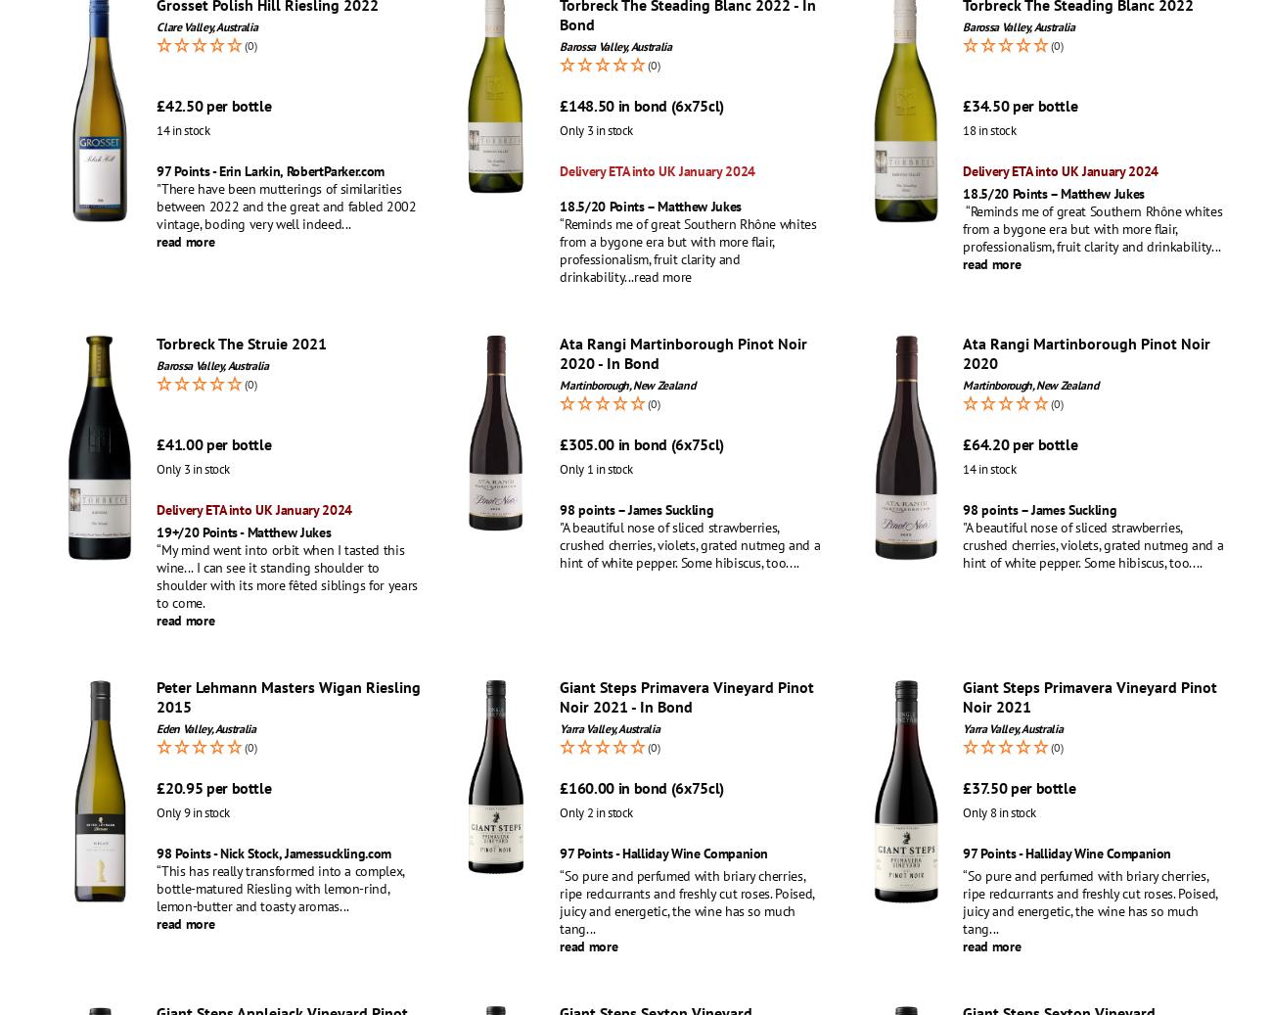 The width and height of the screenshot is (1272, 1015). What do you see at coordinates (165, 442) in the screenshot?
I see `'41.00'` at bounding box center [165, 442].